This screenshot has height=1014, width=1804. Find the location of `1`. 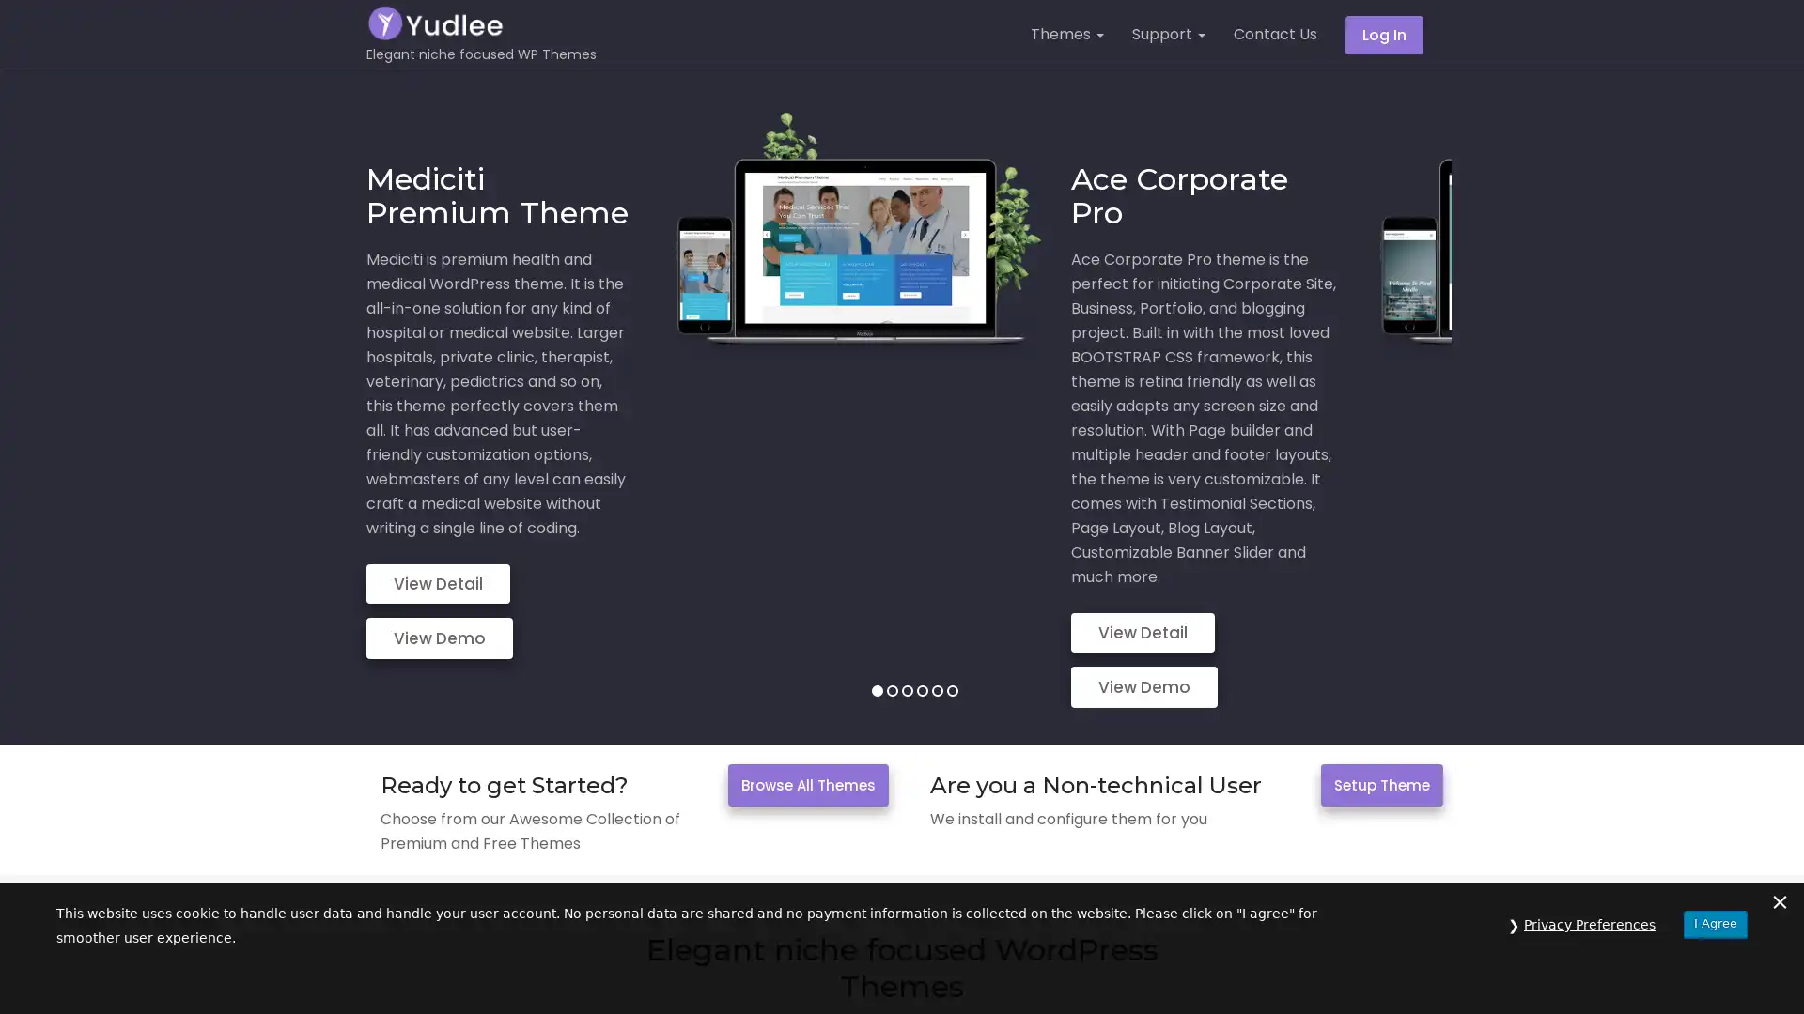

1 is located at coordinates (875, 559).